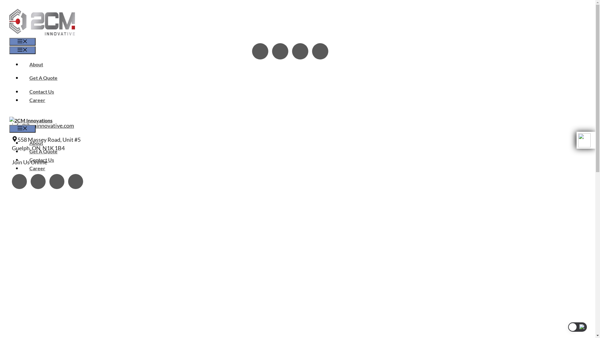  I want to click on 'Career', so click(37, 100).